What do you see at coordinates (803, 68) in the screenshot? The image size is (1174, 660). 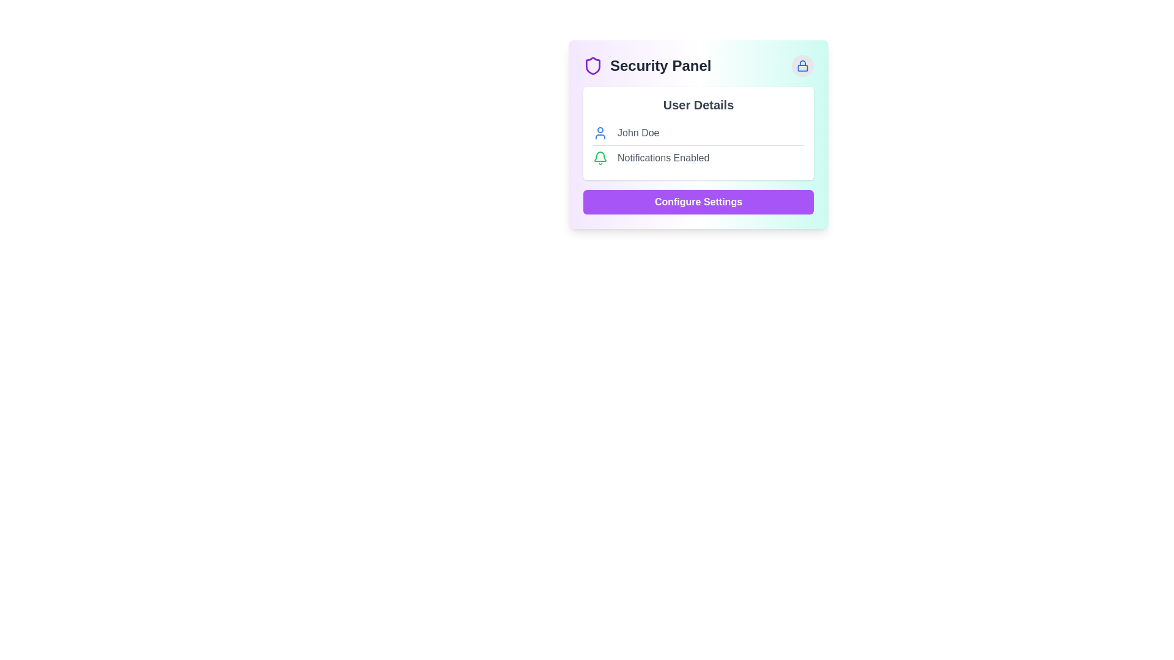 I see `the body of the lock icon located at the upper right corner of the 'Security Panel' card, which symbolizes security or restricted access` at bounding box center [803, 68].